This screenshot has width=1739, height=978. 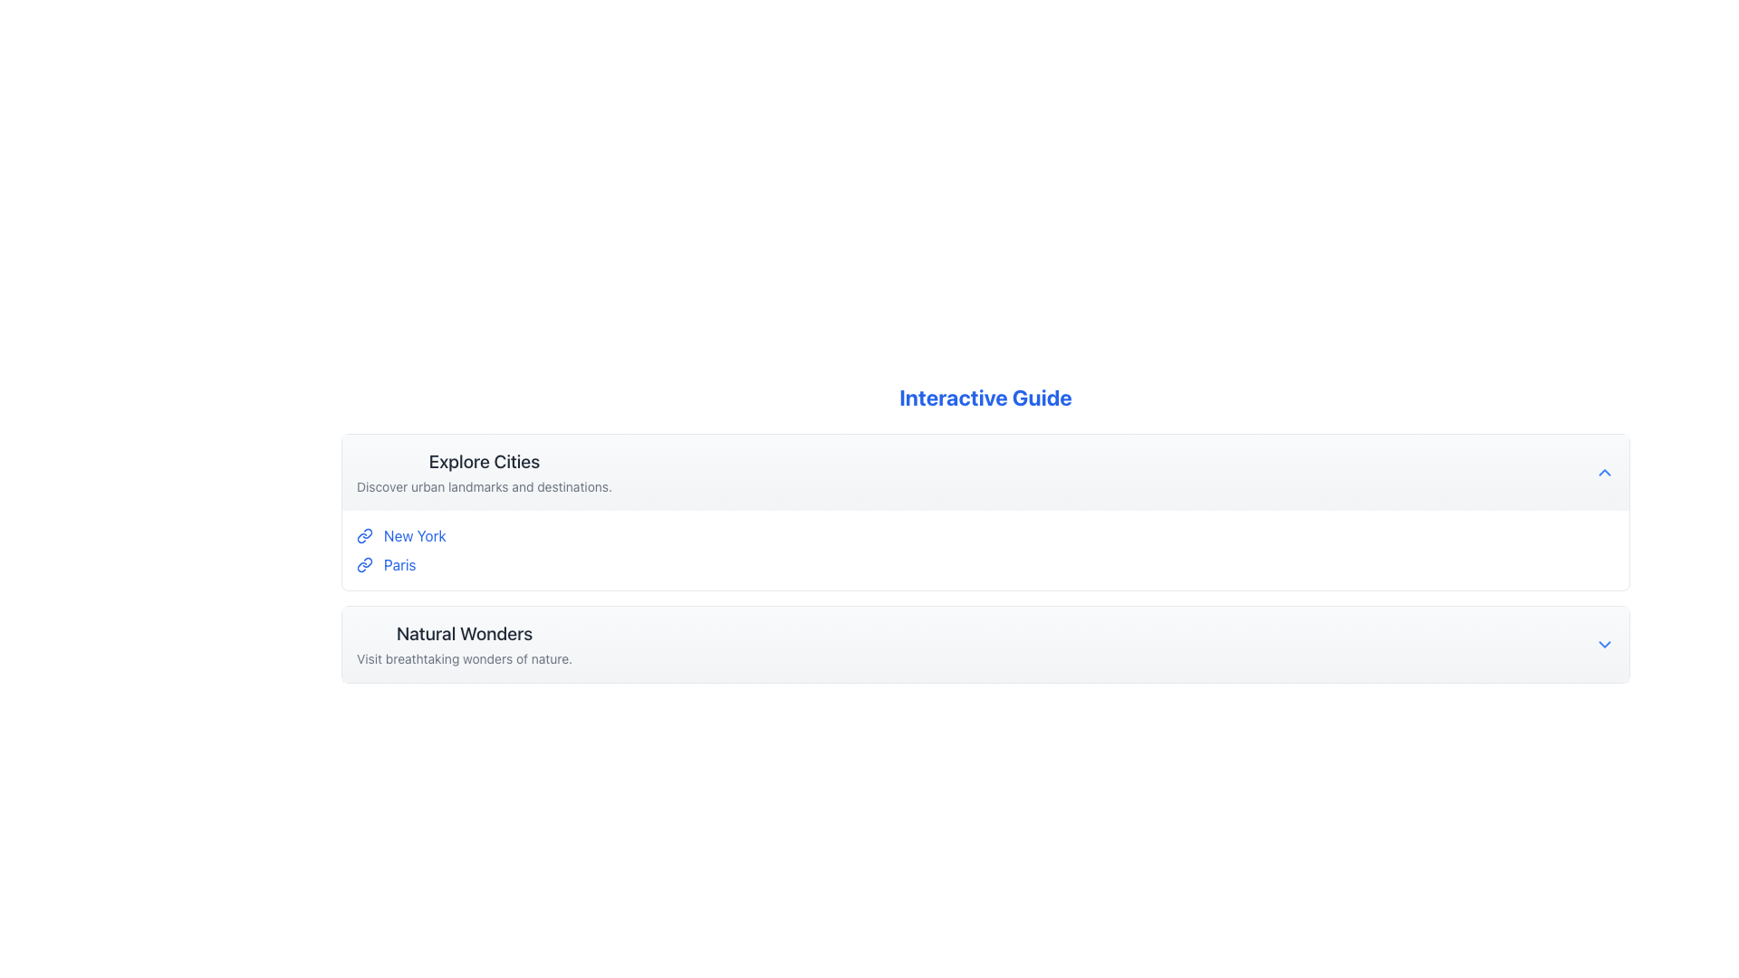 What do you see at coordinates (1604, 644) in the screenshot?
I see `the 'Natural Wonders' section expansion Icon, which is positioned to the far right of the section, to trigger any visual feedback` at bounding box center [1604, 644].